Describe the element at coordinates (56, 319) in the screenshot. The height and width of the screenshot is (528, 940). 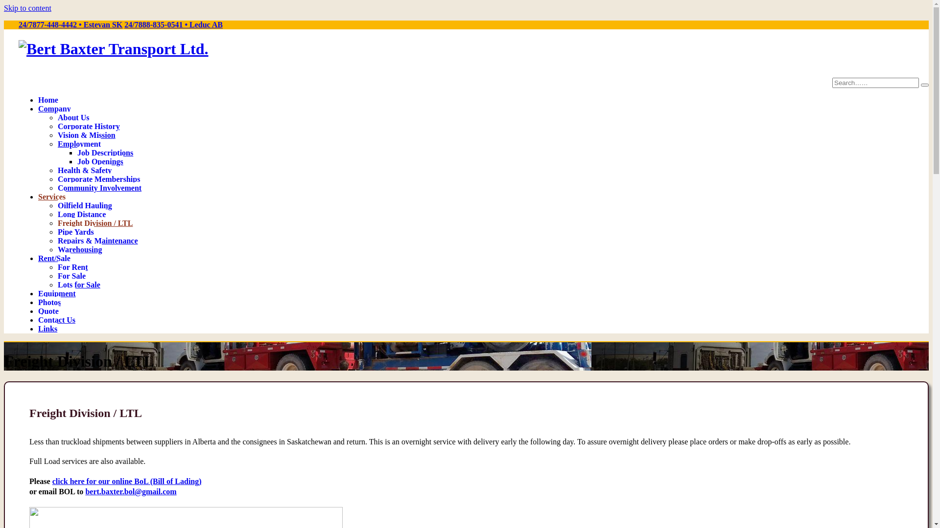
I see `'Contact Us'` at that location.